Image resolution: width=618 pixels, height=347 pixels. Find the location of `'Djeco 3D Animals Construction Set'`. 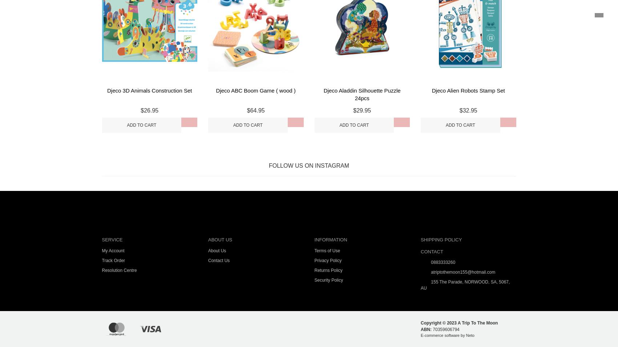

'Djeco 3D Animals Construction Set' is located at coordinates (149, 90).